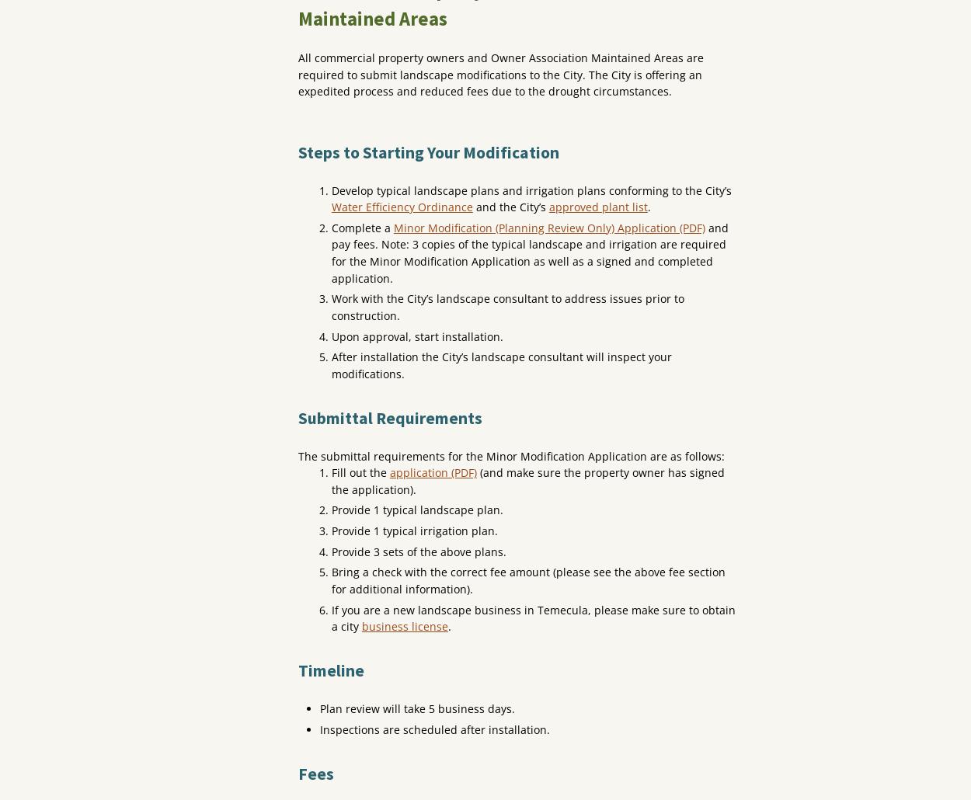 The image size is (971, 800). What do you see at coordinates (533, 617) in the screenshot?
I see `'If you are a new landscape business in Temecula, please make sure to obtain a city'` at bounding box center [533, 617].